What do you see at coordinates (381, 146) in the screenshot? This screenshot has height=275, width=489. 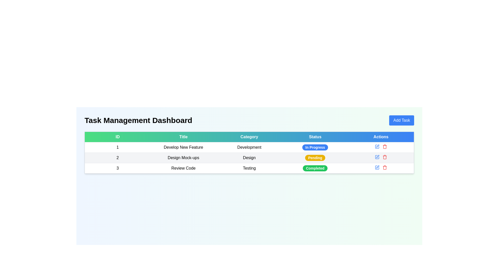 I see `the edit icon in the Actions column of the first row to initiate editing of the associated task entry` at bounding box center [381, 146].